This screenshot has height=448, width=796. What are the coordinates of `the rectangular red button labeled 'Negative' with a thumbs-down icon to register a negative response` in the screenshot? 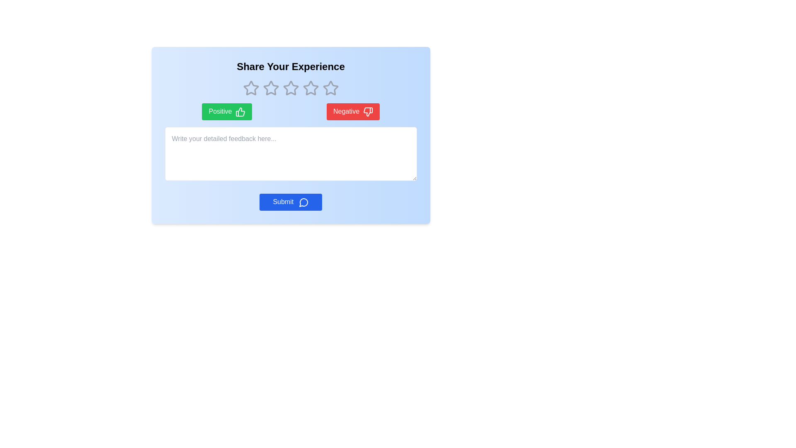 It's located at (353, 111).